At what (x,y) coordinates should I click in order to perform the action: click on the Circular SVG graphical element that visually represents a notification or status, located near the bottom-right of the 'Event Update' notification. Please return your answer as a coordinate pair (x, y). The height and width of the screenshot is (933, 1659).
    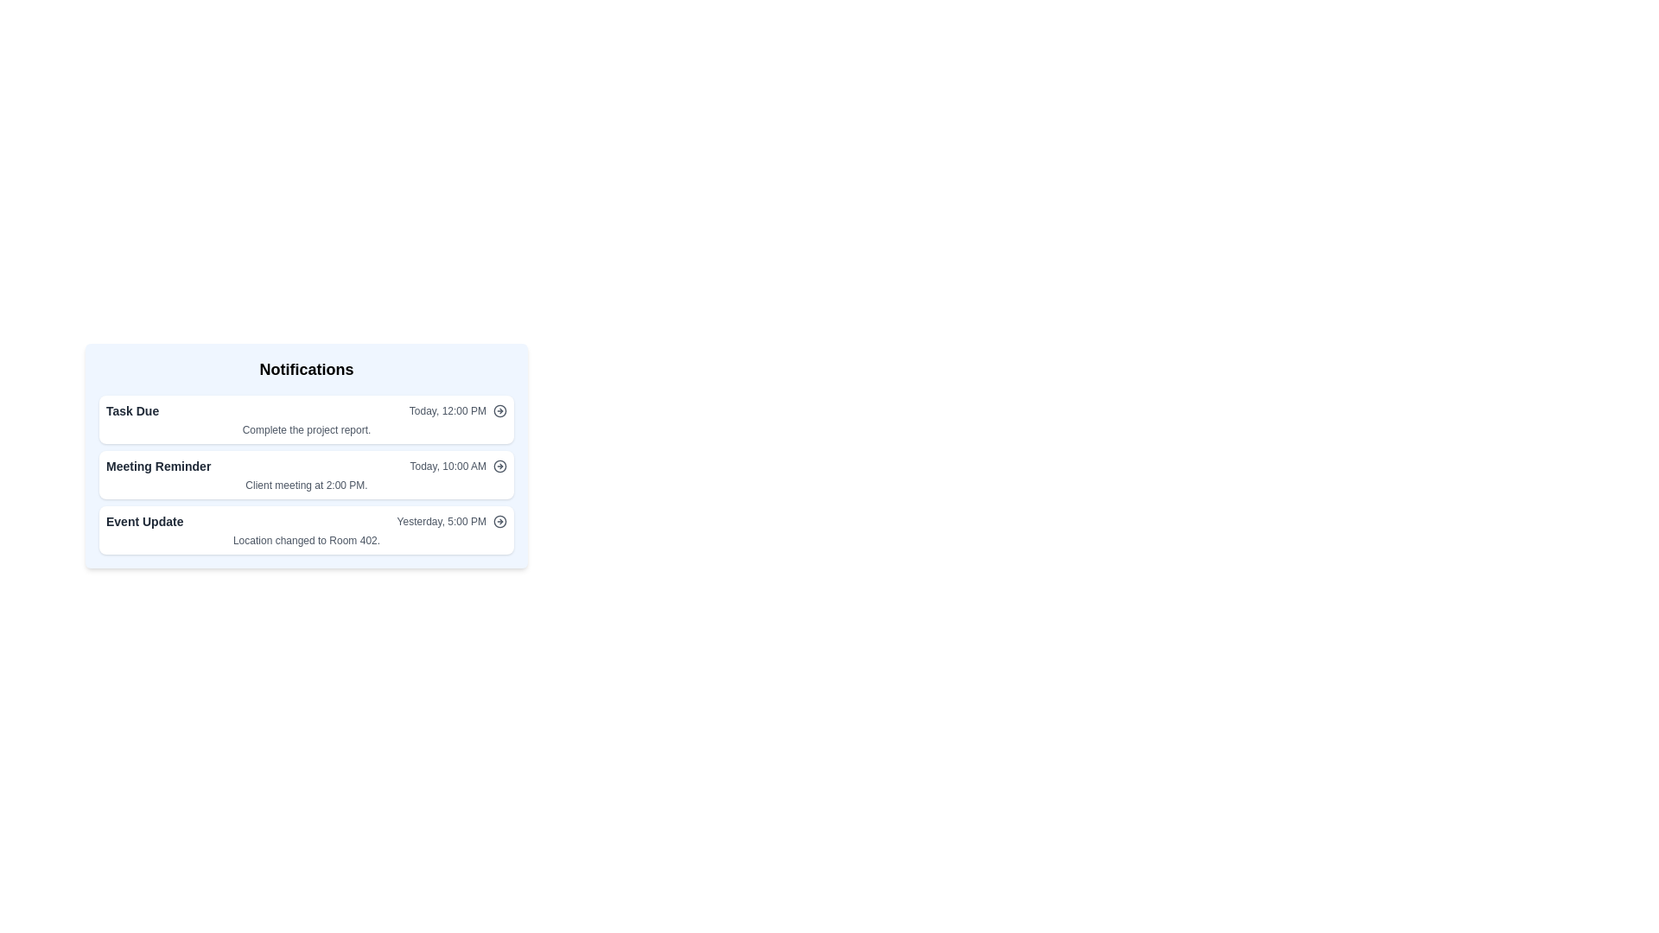
    Looking at the image, I should click on (499, 521).